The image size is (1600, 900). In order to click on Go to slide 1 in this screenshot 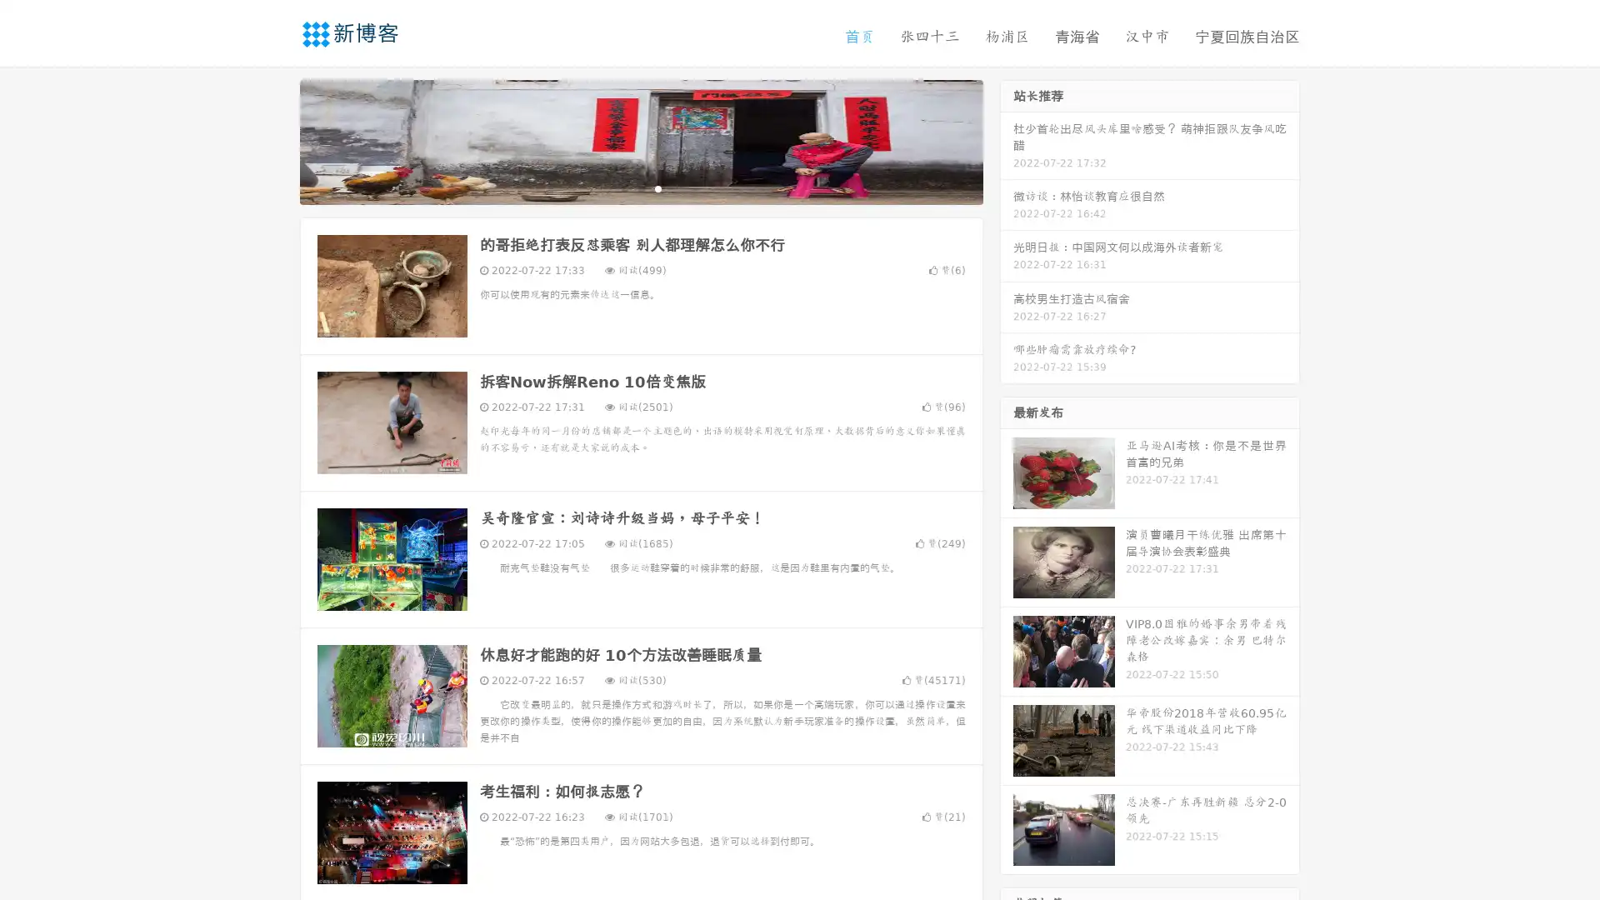, I will do `click(623, 187)`.